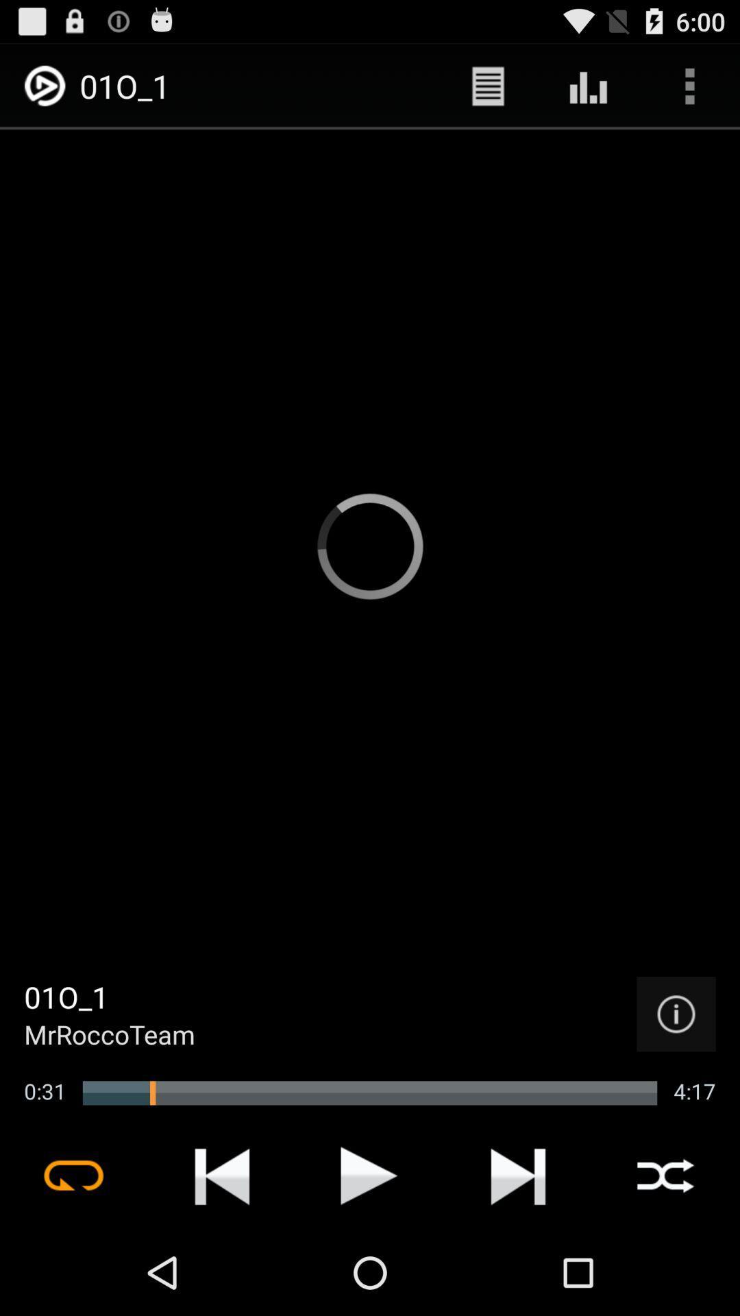 This screenshot has width=740, height=1316. Describe the element at coordinates (369, 1258) in the screenshot. I see `the send icon` at that location.